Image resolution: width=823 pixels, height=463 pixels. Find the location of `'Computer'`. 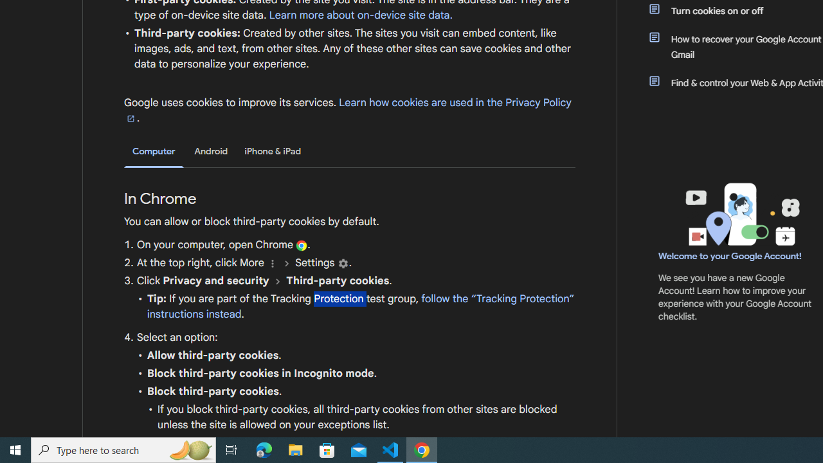

'Computer' is located at coordinates (154, 151).